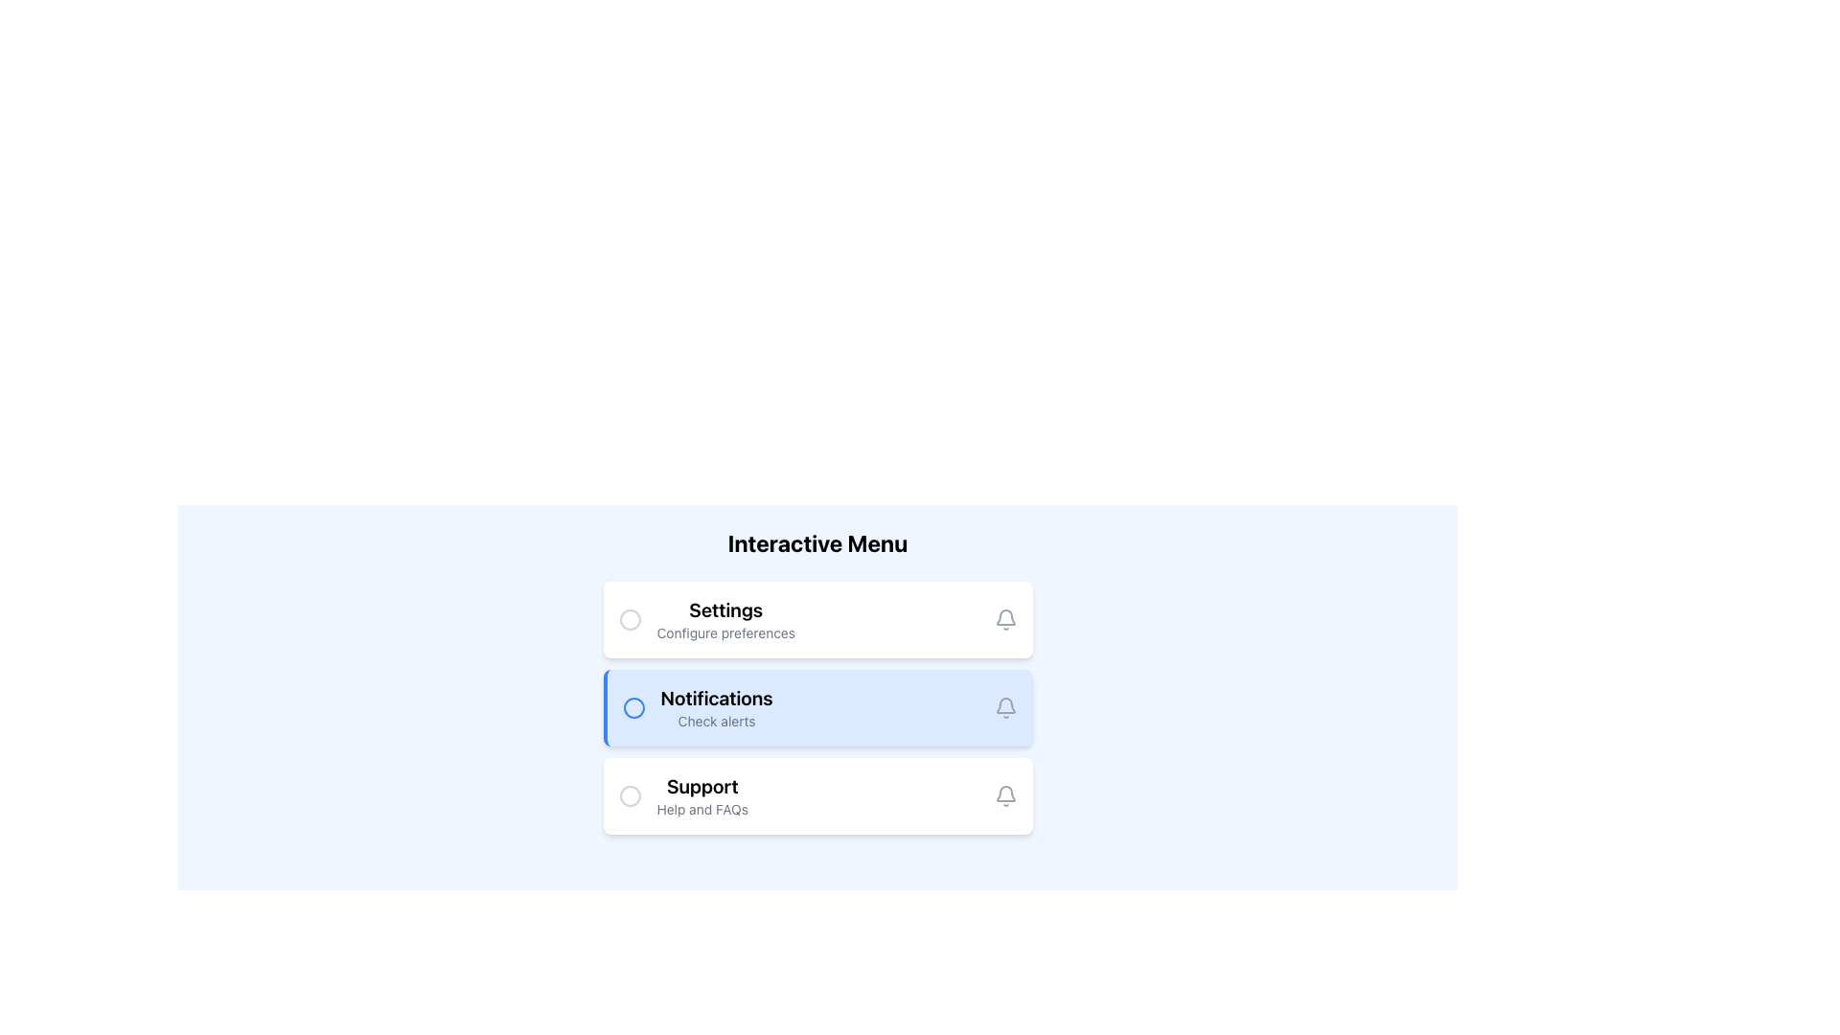  What do you see at coordinates (1004, 708) in the screenshot?
I see `the Notification Icon located in the right corner of the 'Notifications' row in the Interactive Menu` at bounding box center [1004, 708].